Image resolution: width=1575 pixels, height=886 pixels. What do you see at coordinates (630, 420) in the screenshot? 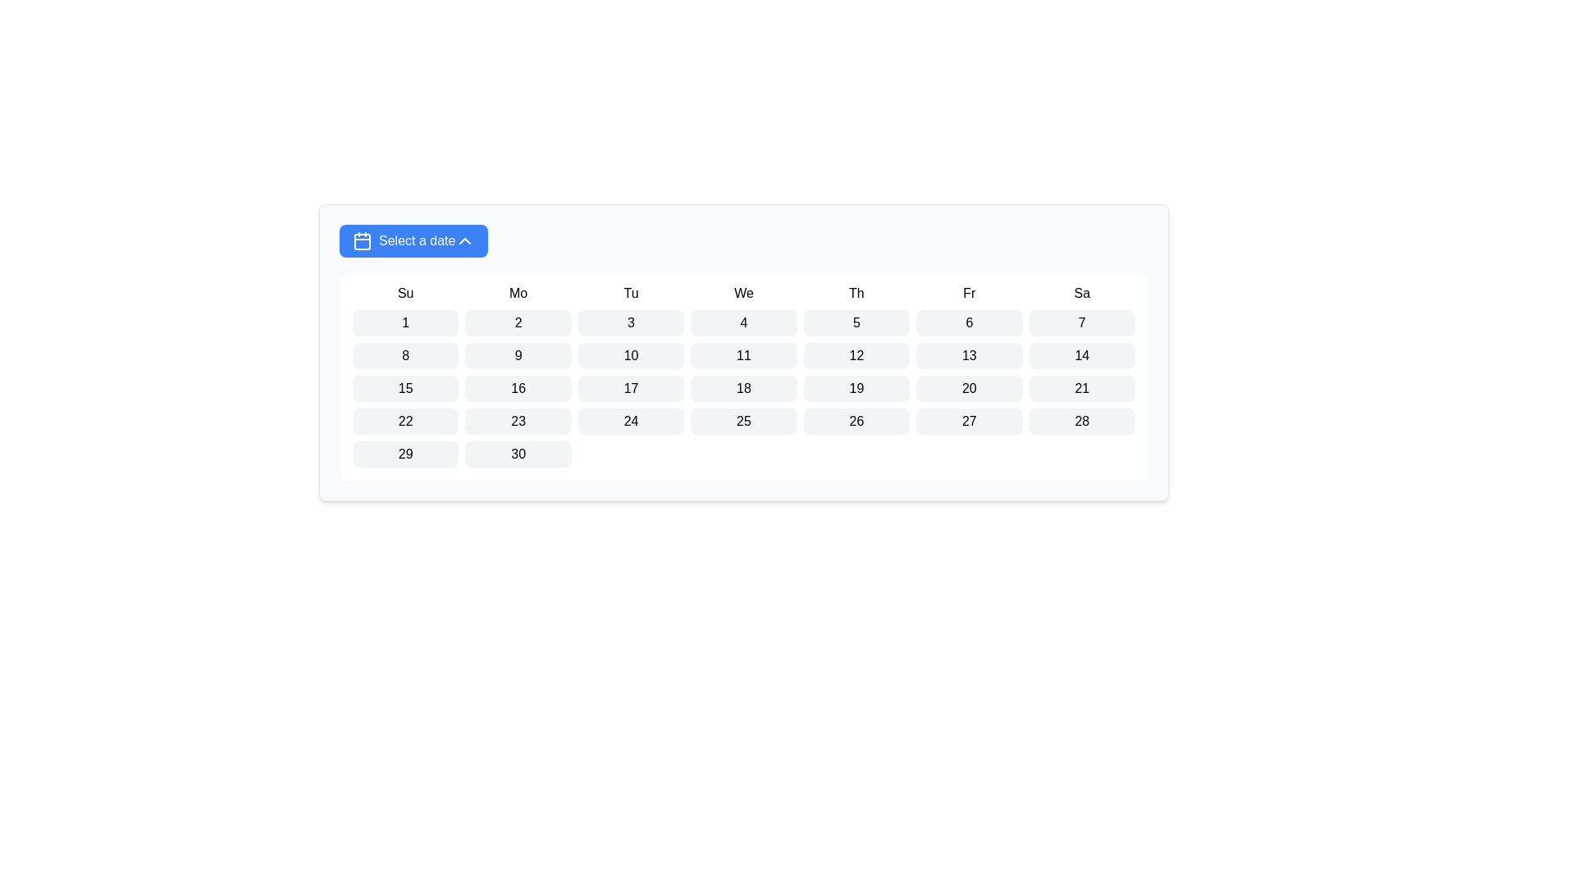
I see `the selectable grid item representing the 24th day of the month, located in the fifth row and third column of the calendar widget, to change its background color` at bounding box center [630, 420].